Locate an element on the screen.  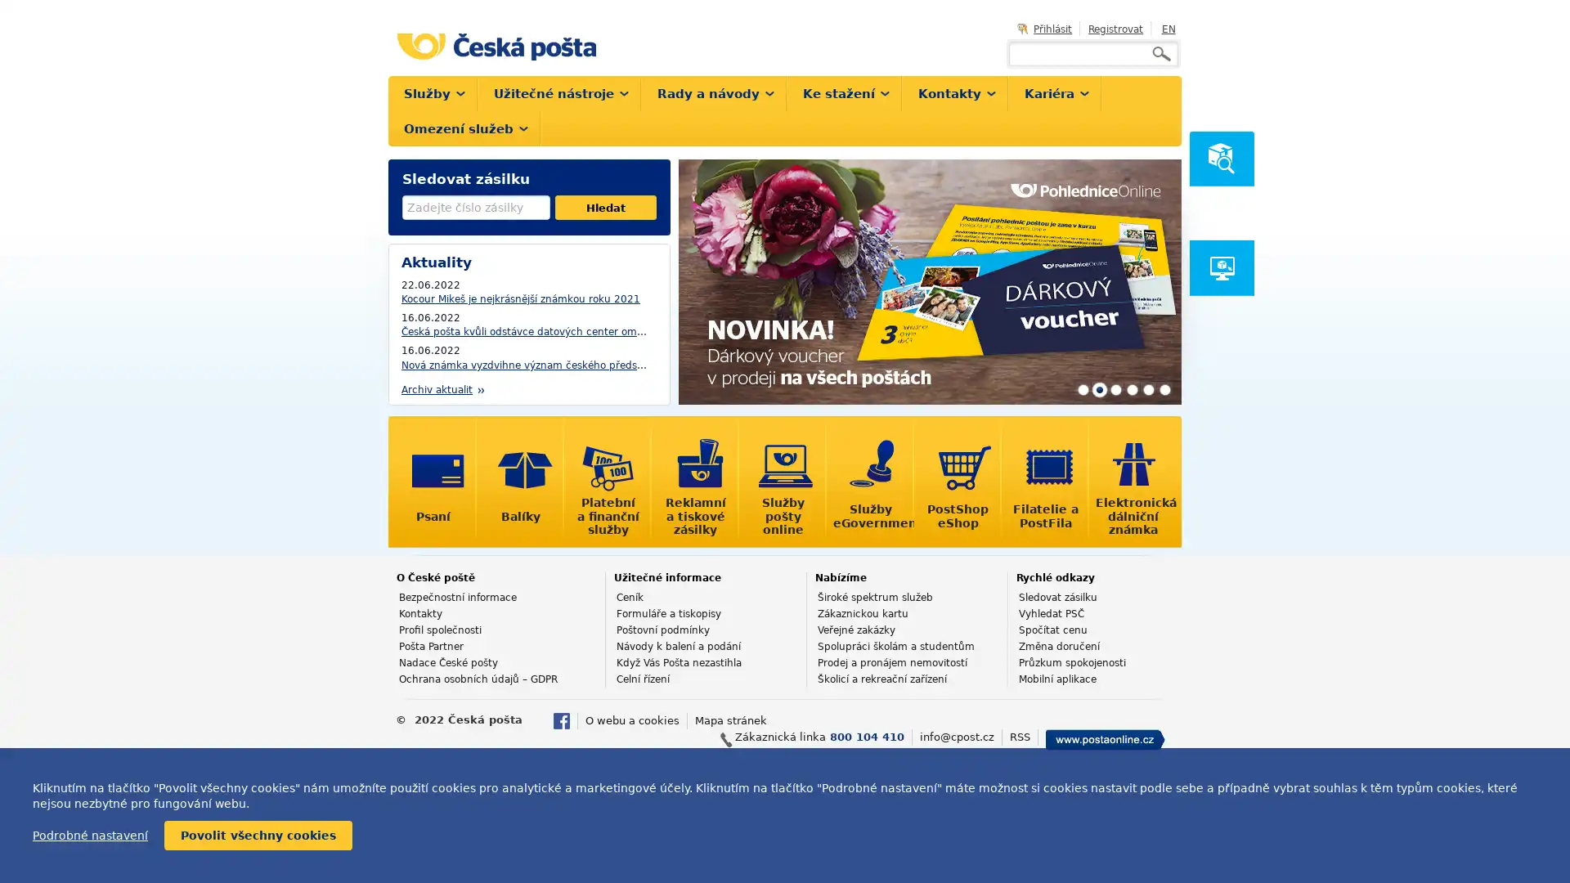
Povolit vsechny cookies is located at coordinates (258, 836).